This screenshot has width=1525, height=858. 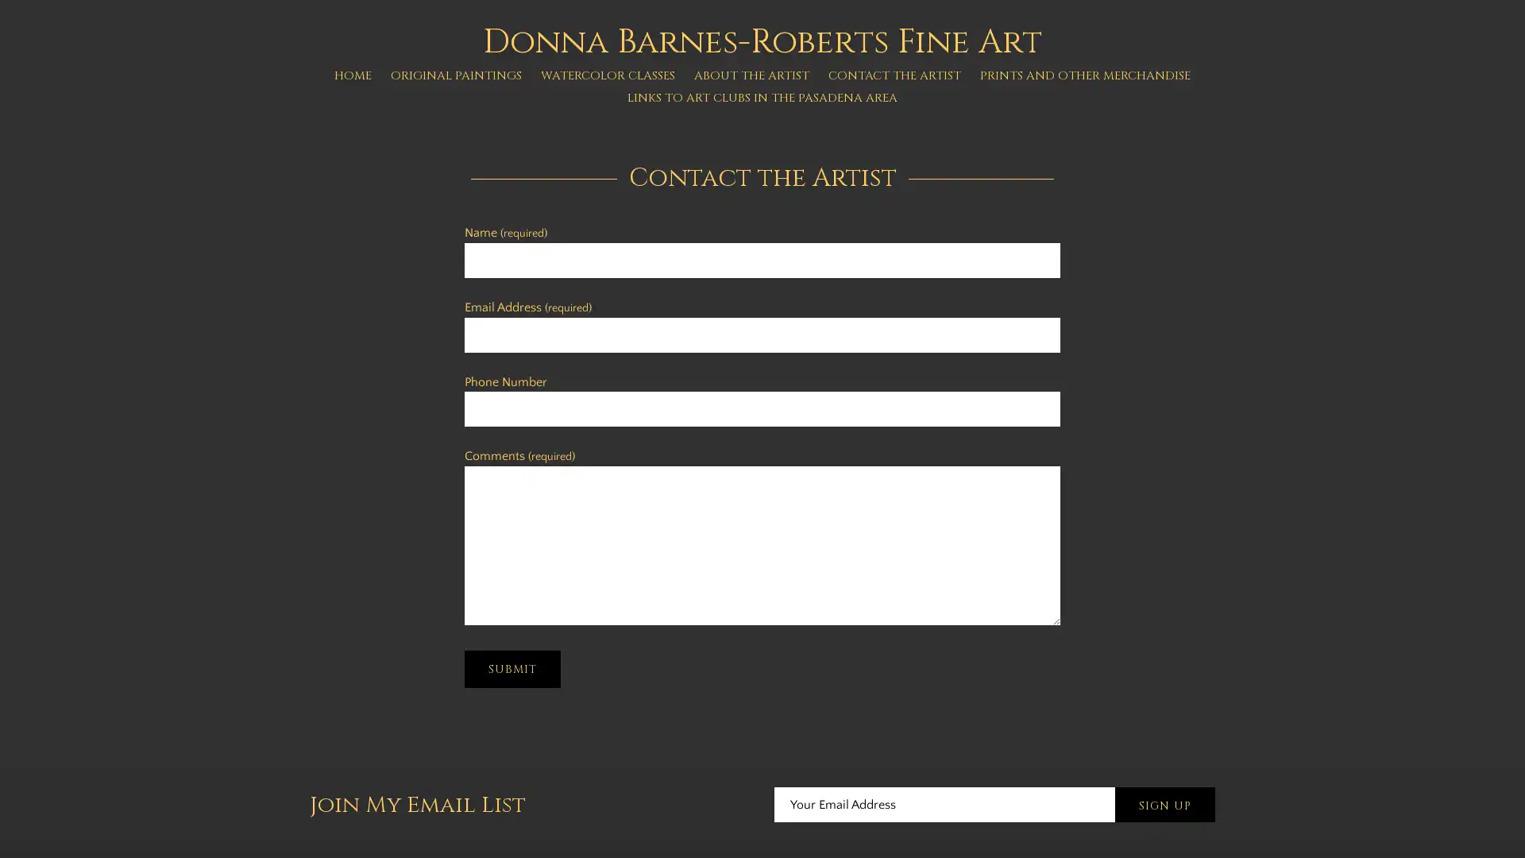 What do you see at coordinates (512, 669) in the screenshot?
I see `Submit` at bounding box center [512, 669].